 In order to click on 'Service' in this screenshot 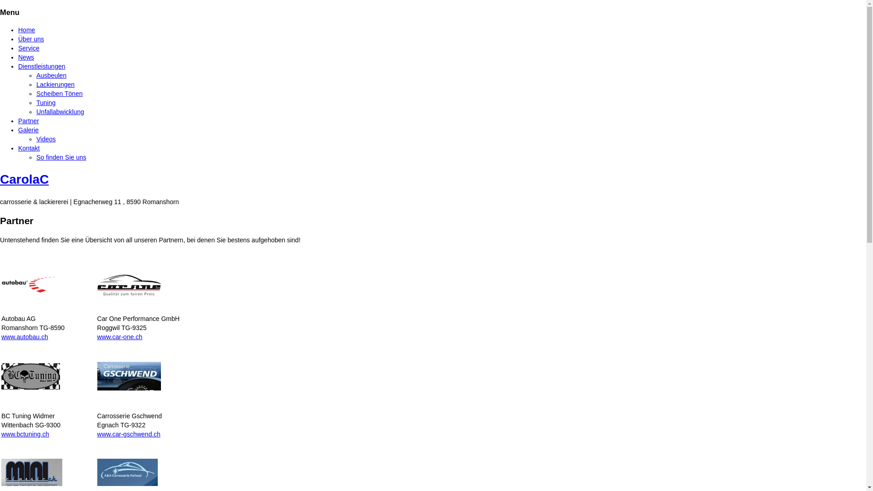, I will do `click(29, 48)`.